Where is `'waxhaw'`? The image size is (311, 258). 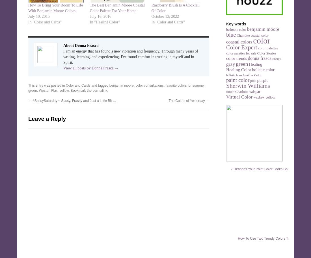
'waxhaw' is located at coordinates (253, 97).